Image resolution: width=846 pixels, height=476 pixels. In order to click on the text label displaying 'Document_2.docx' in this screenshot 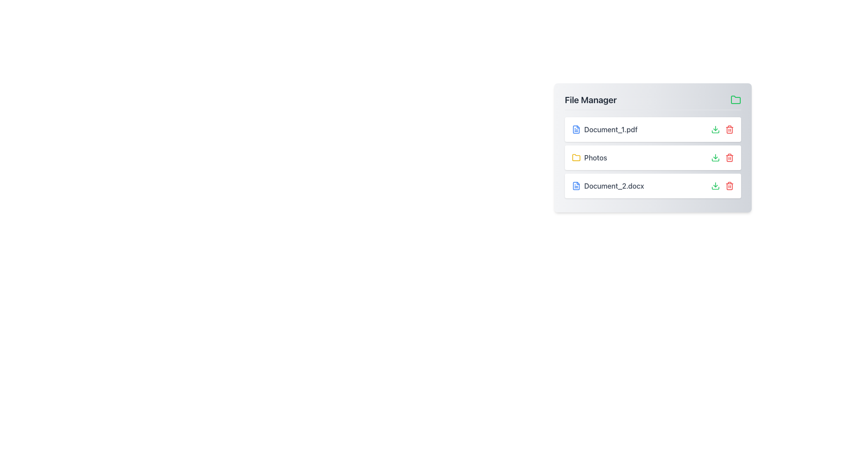, I will do `click(607, 185)`.